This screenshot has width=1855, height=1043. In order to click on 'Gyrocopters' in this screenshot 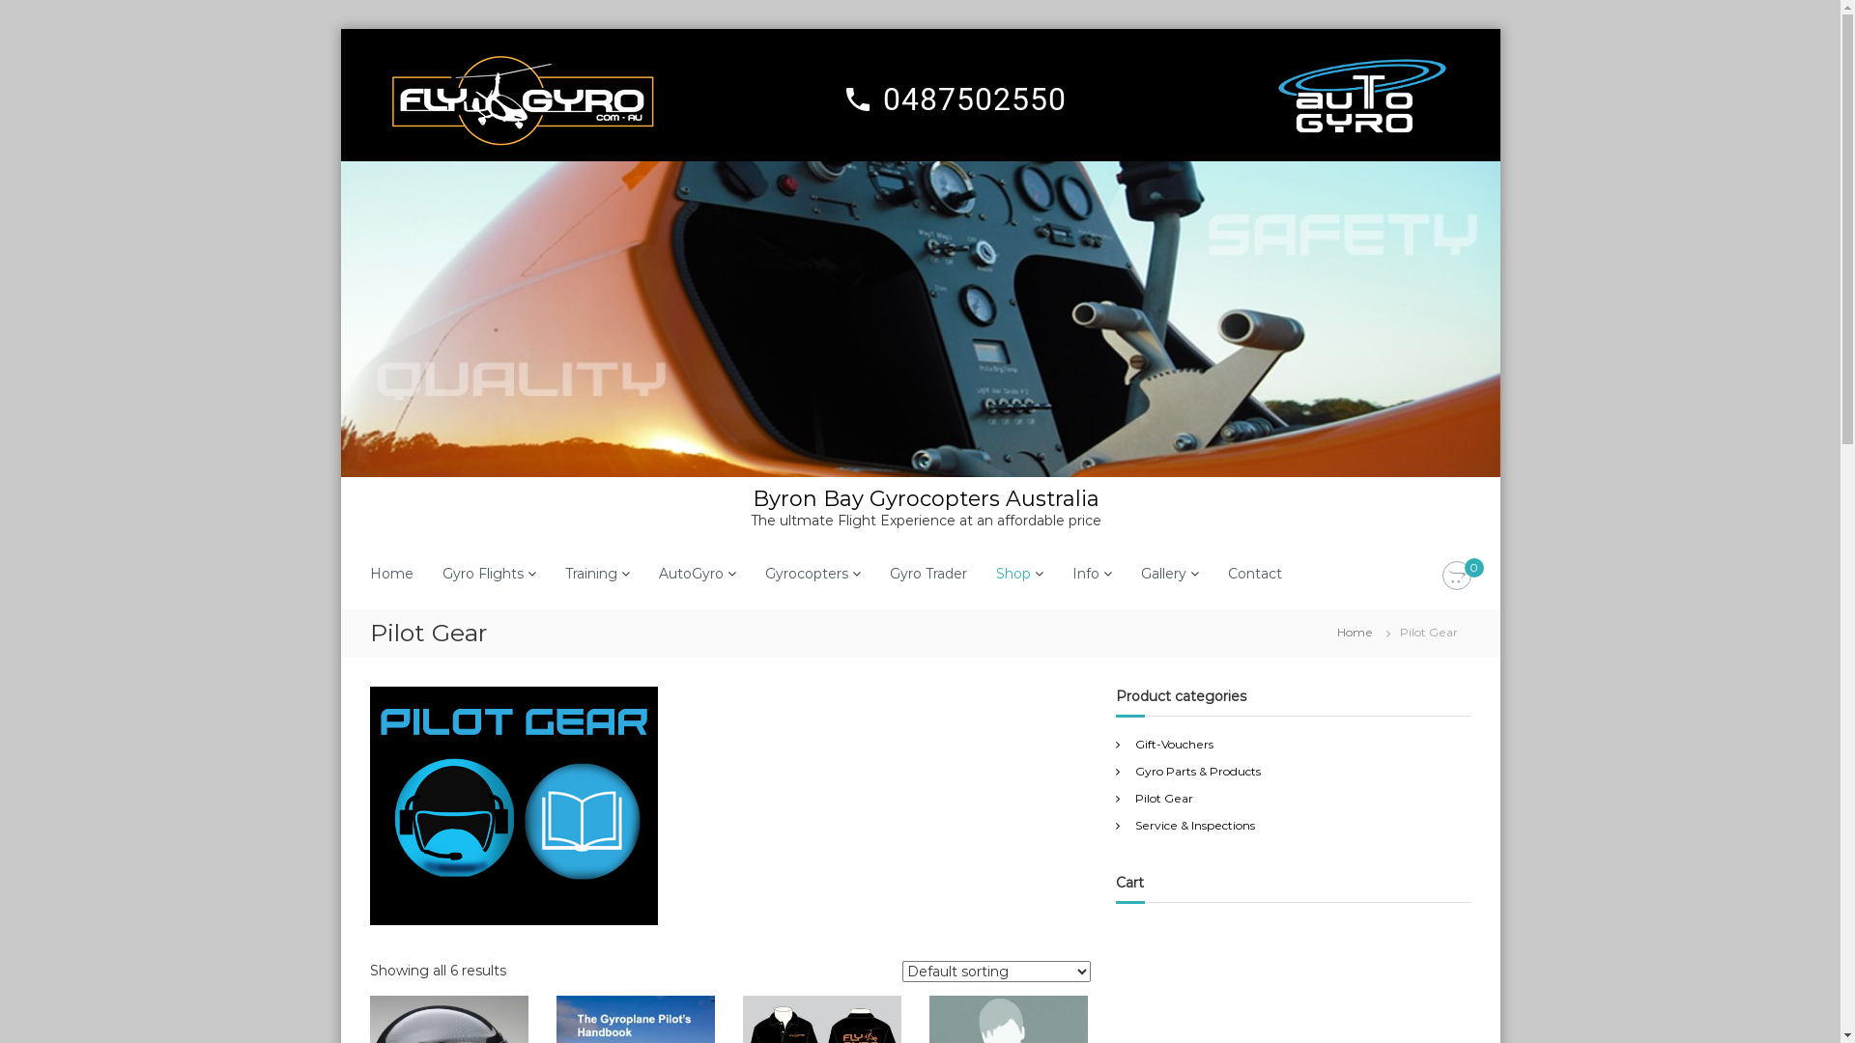, I will do `click(807, 573)`.